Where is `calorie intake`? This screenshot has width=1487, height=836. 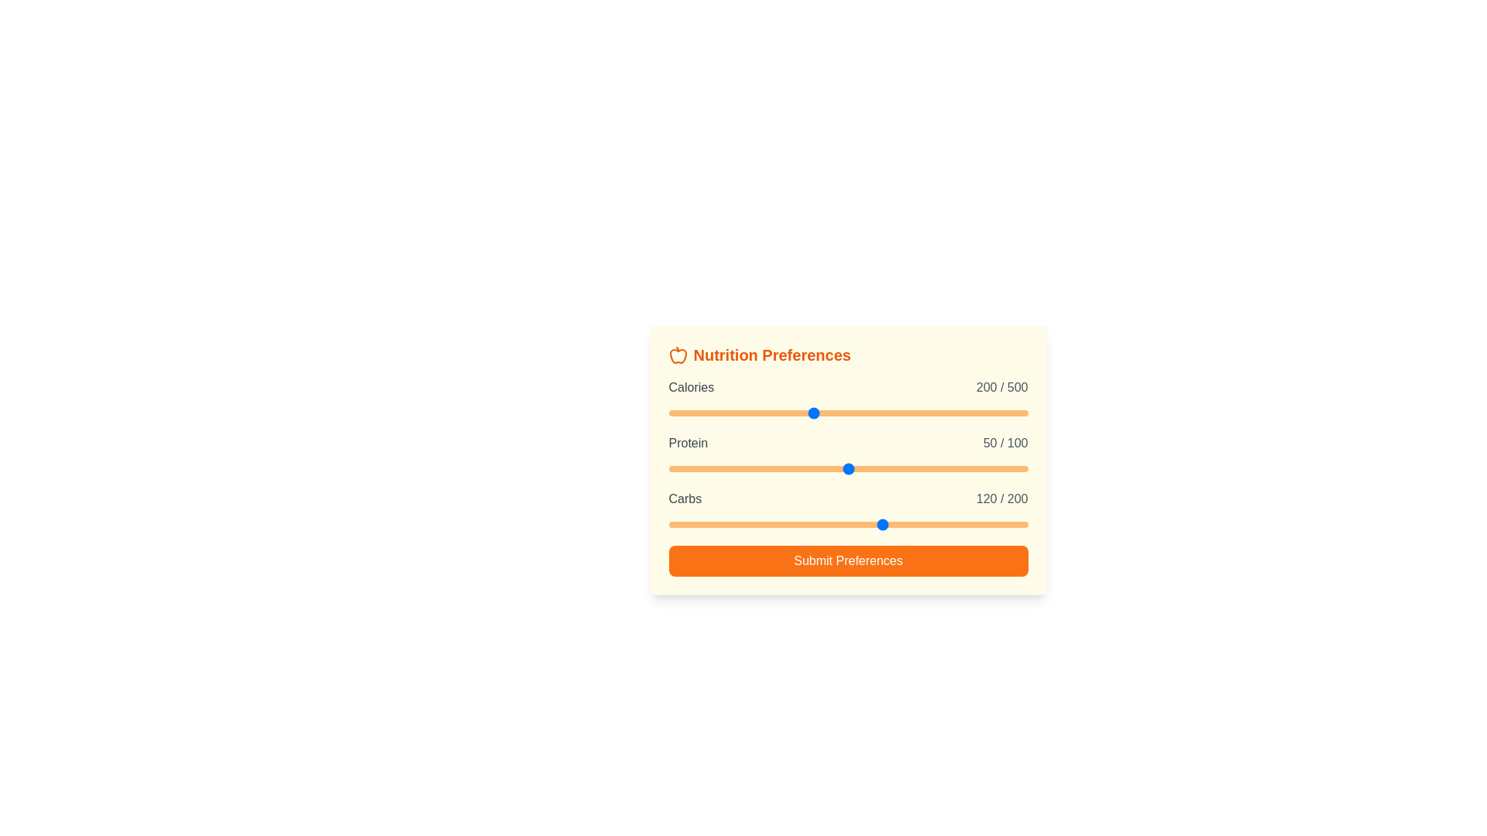
calorie intake is located at coordinates (871, 412).